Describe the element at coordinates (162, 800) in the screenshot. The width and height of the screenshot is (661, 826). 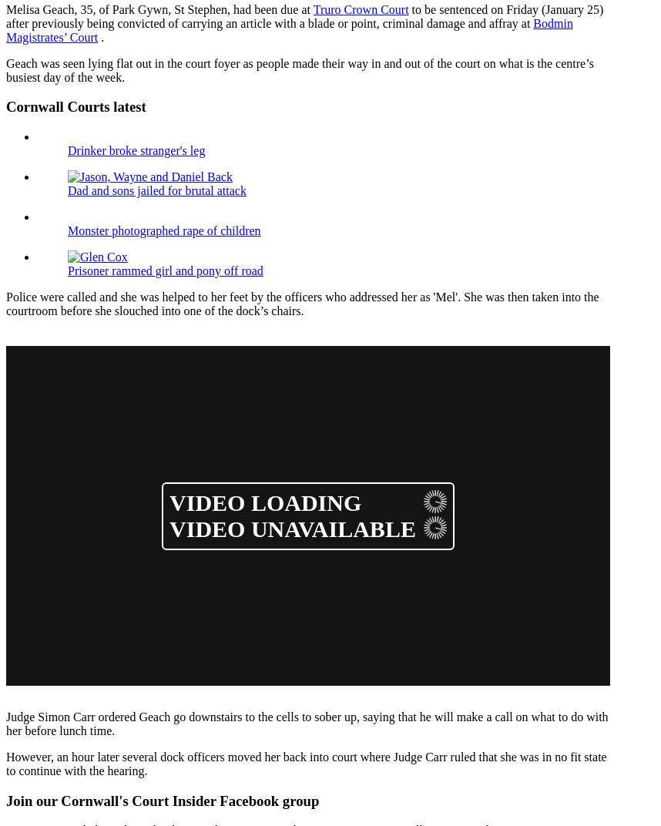
I see `'Join our Cornwall's Court Insider Facebook group'` at that location.